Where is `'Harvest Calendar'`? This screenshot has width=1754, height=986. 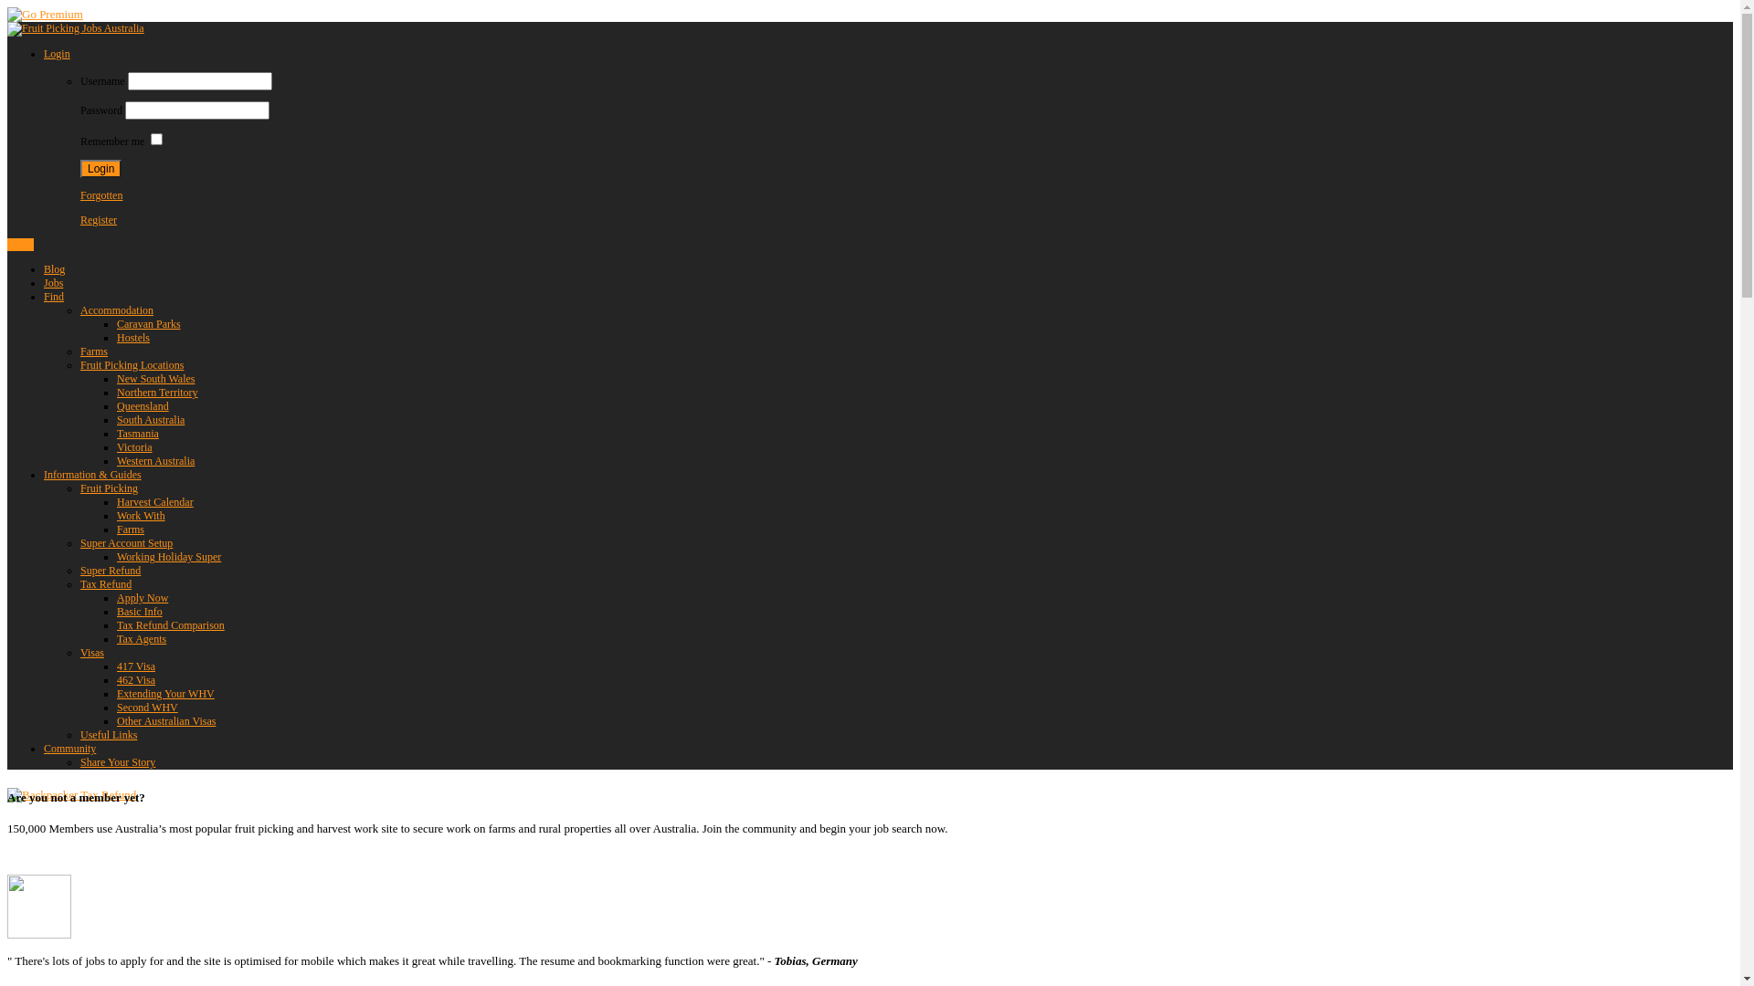
'Harvest Calendar' is located at coordinates (116, 502).